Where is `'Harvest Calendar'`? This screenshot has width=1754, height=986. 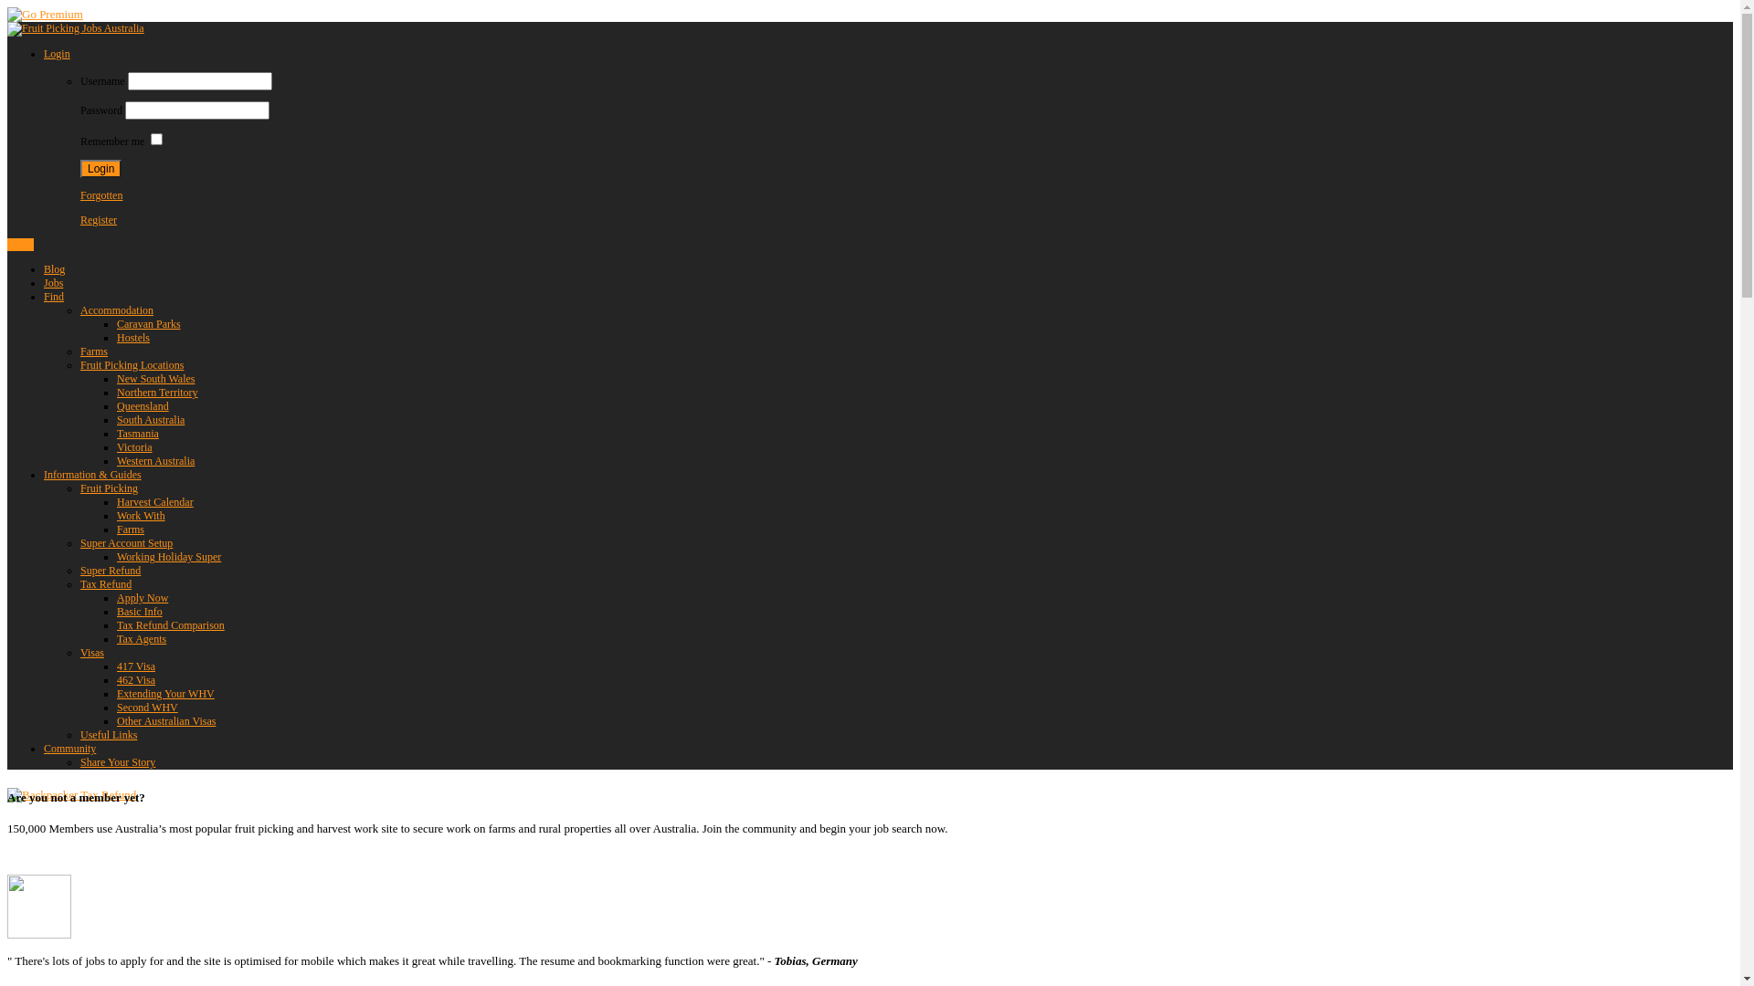
'Harvest Calendar' is located at coordinates (116, 502).